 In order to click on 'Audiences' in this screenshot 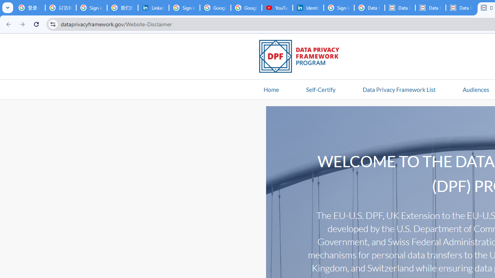, I will do `click(475, 89)`.